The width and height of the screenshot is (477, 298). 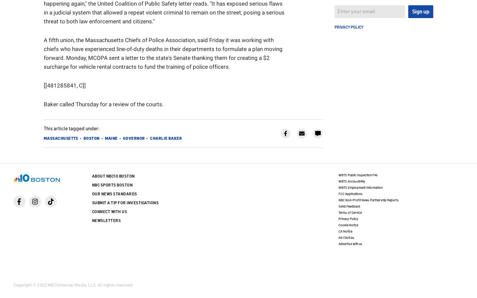 I want to click on 'Charlie Baker', so click(x=166, y=138).